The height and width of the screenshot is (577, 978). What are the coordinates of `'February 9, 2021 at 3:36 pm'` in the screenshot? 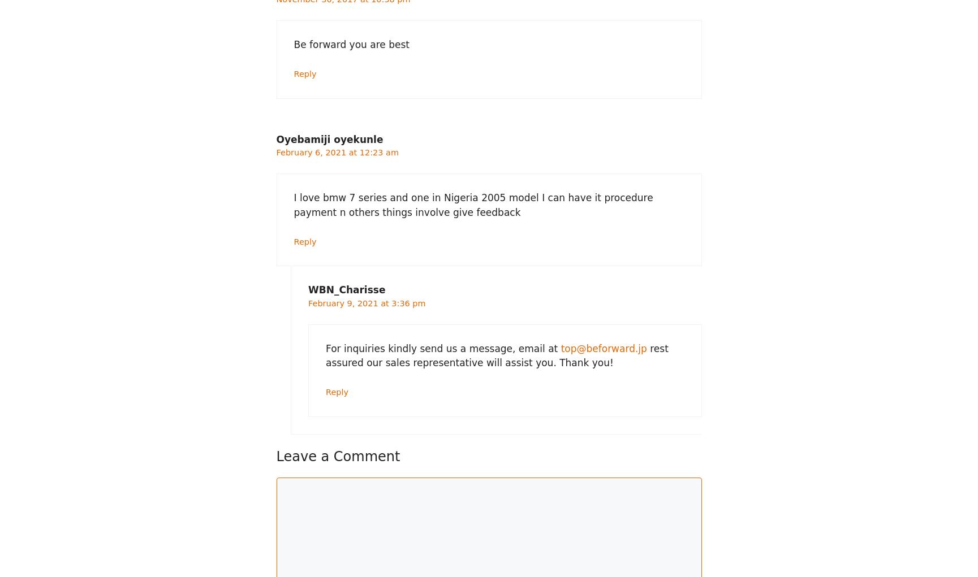 It's located at (366, 303).